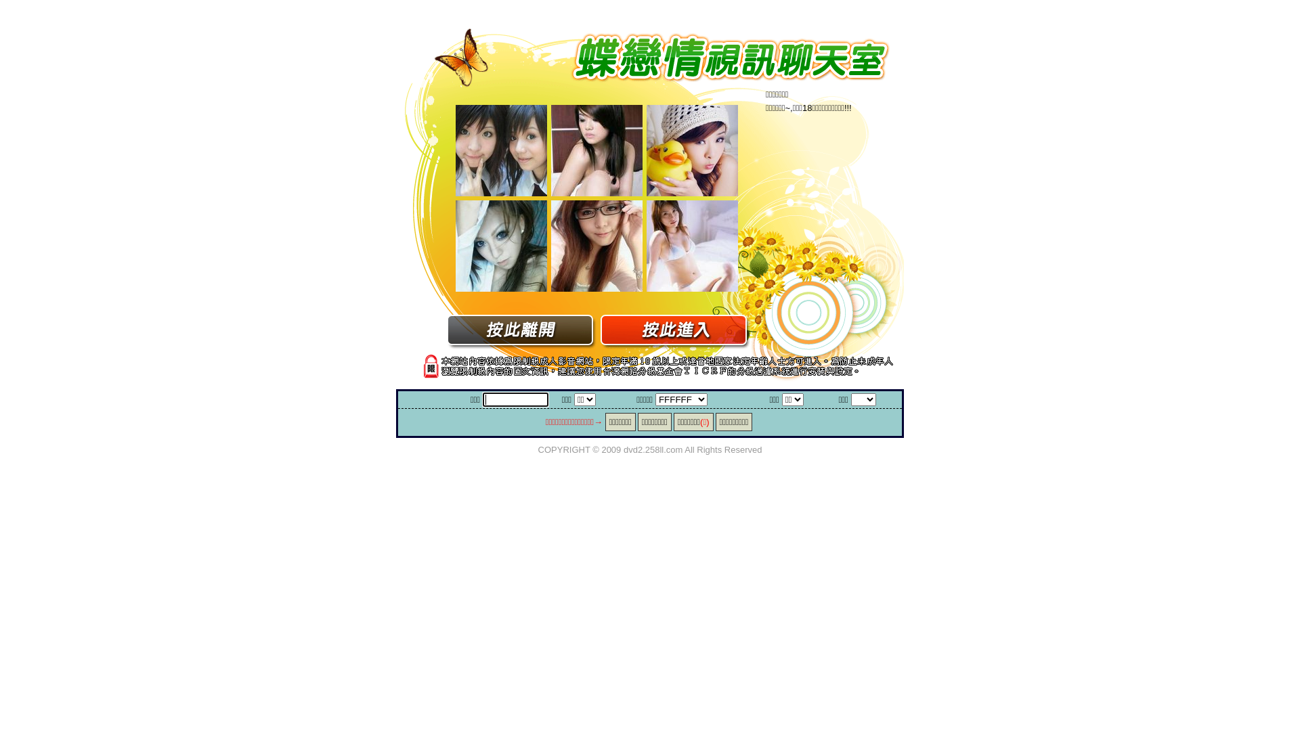 The width and height of the screenshot is (1300, 731). I want to click on 'dvd2.258ll.com', so click(653, 449).